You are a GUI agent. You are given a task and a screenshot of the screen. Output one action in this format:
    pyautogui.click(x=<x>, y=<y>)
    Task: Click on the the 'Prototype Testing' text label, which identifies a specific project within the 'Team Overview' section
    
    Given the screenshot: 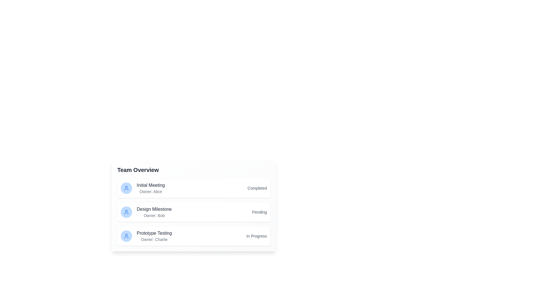 What is the action you would take?
    pyautogui.click(x=154, y=233)
    